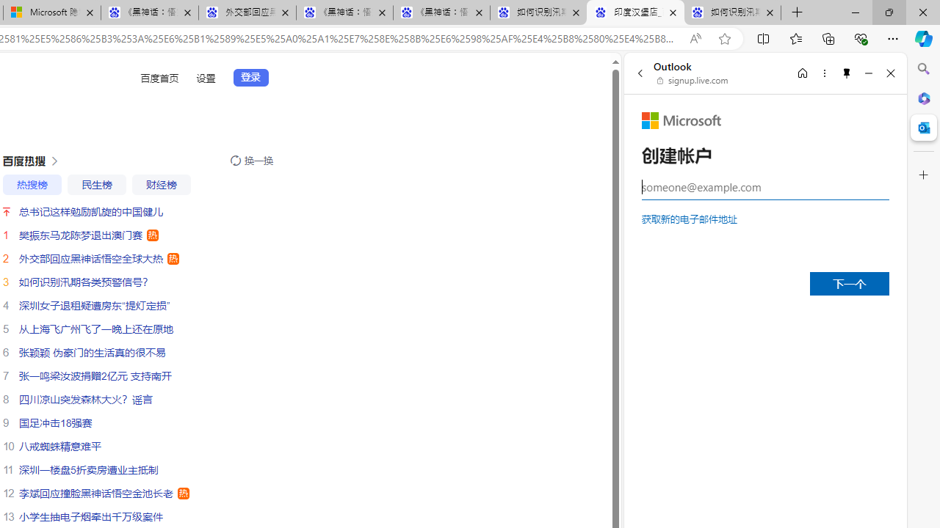  Describe the element at coordinates (681, 120) in the screenshot. I see `'Microsoft'` at that location.